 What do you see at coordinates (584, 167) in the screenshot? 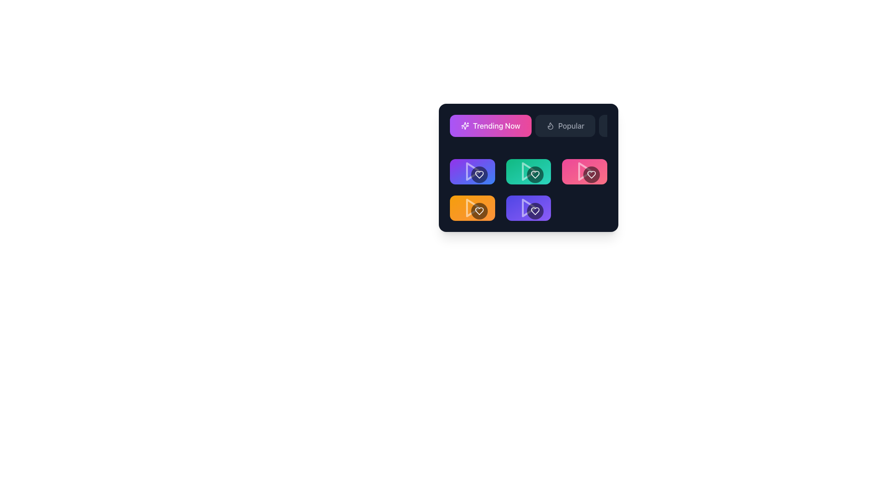
I see `the third button in the second row of the grid layout below the 'Trending Now' navigation bar to interact with the like feature` at bounding box center [584, 167].